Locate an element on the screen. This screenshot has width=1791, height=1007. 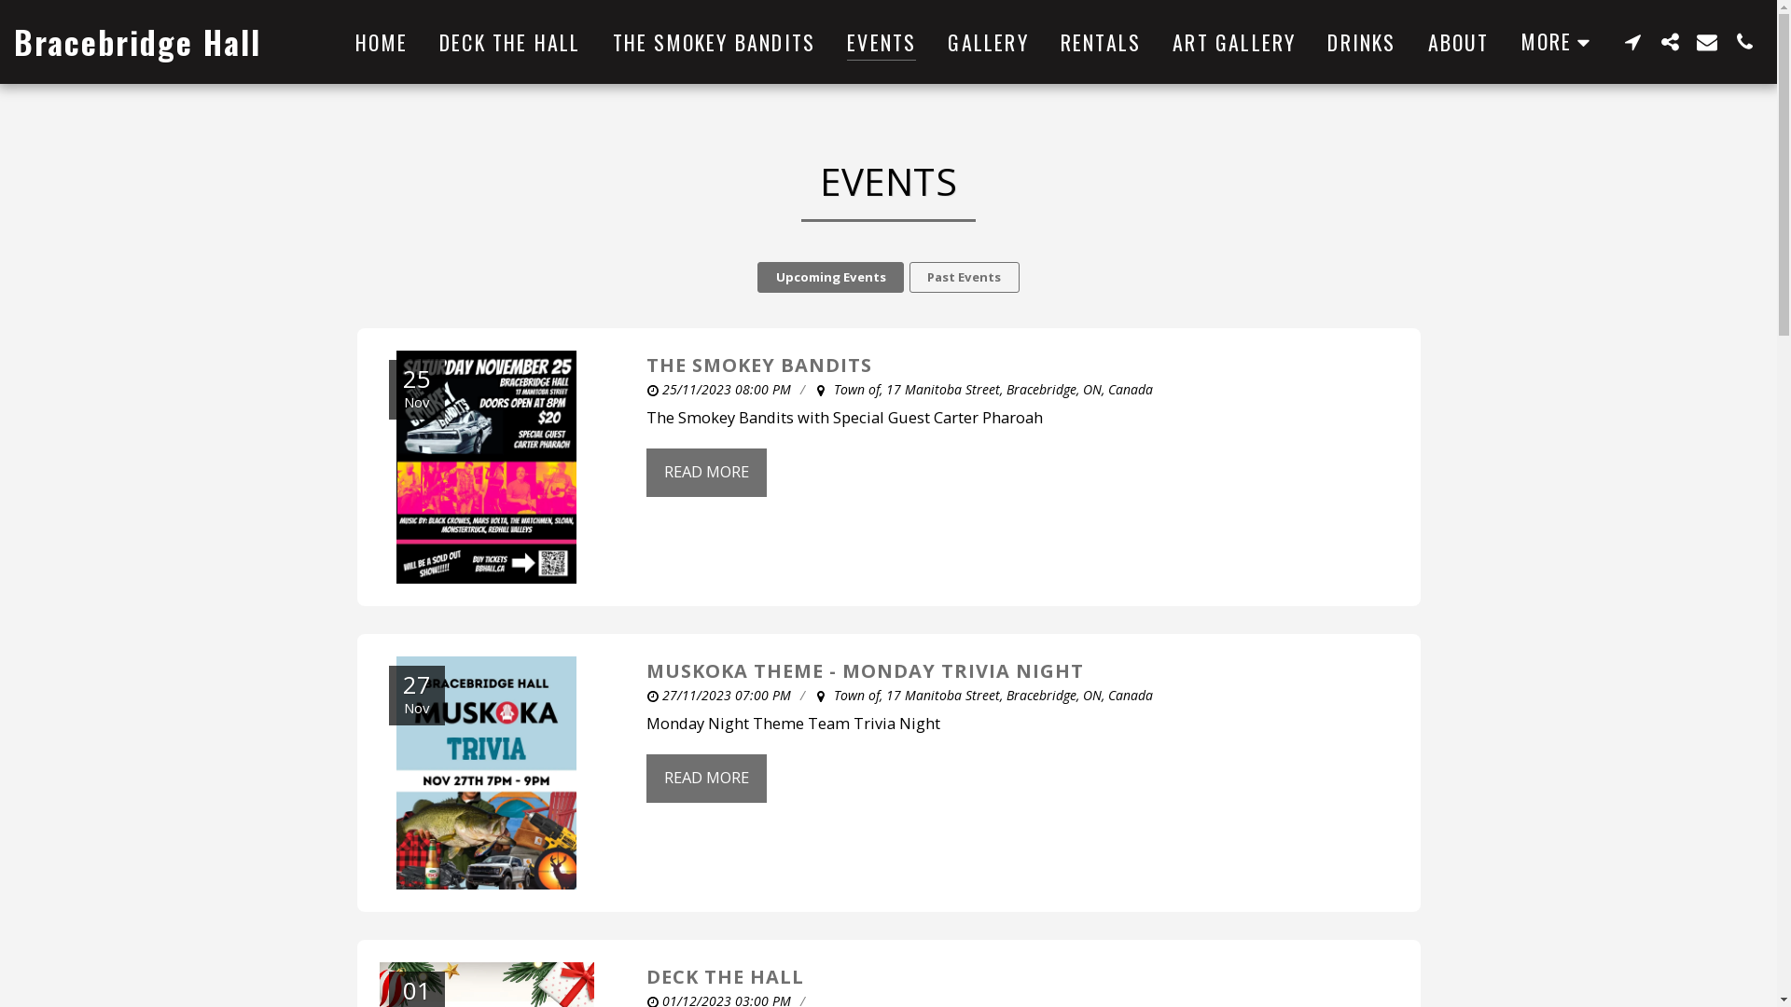
'DRINKS' is located at coordinates (1361, 42).